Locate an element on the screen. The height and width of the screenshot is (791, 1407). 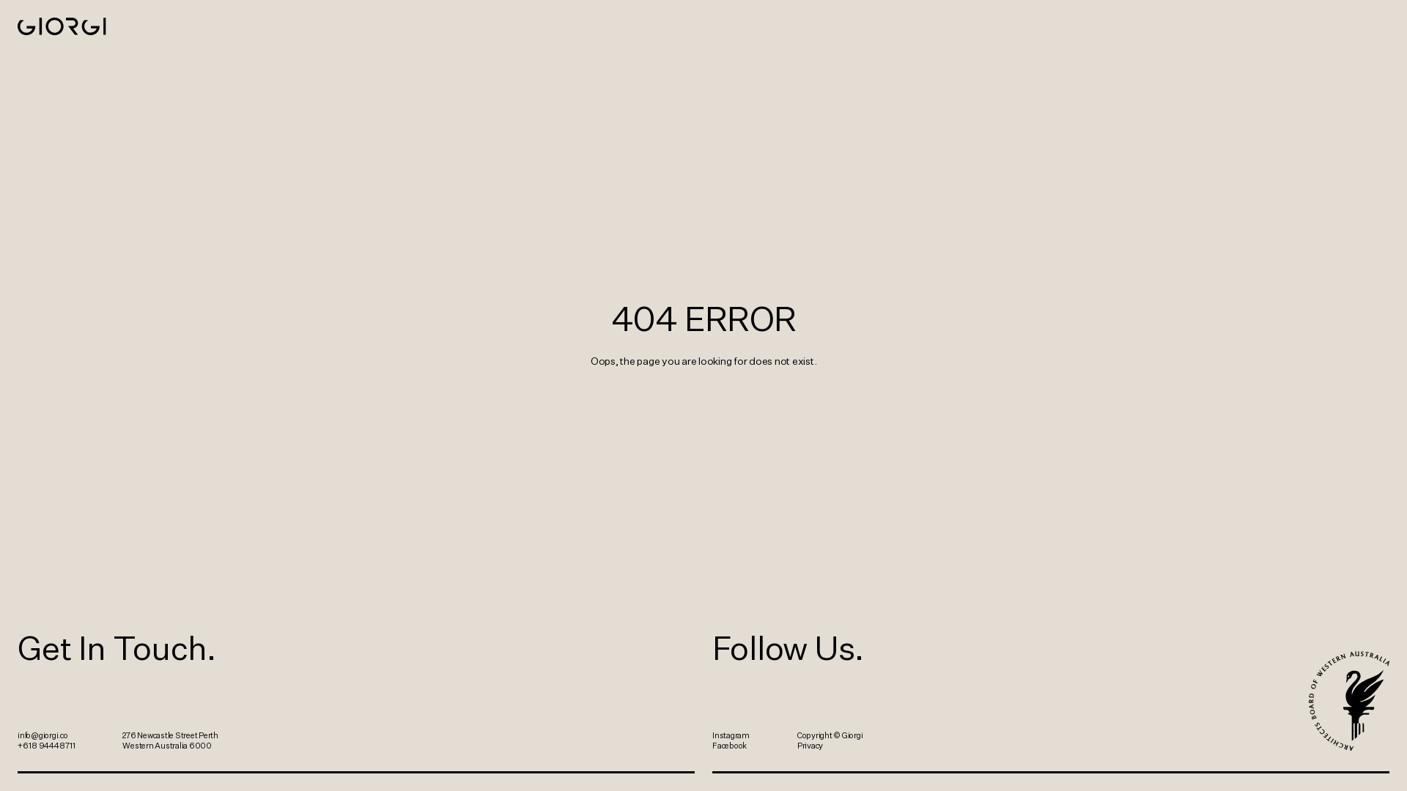
'+61 8 9444 8711' is located at coordinates (45, 745).